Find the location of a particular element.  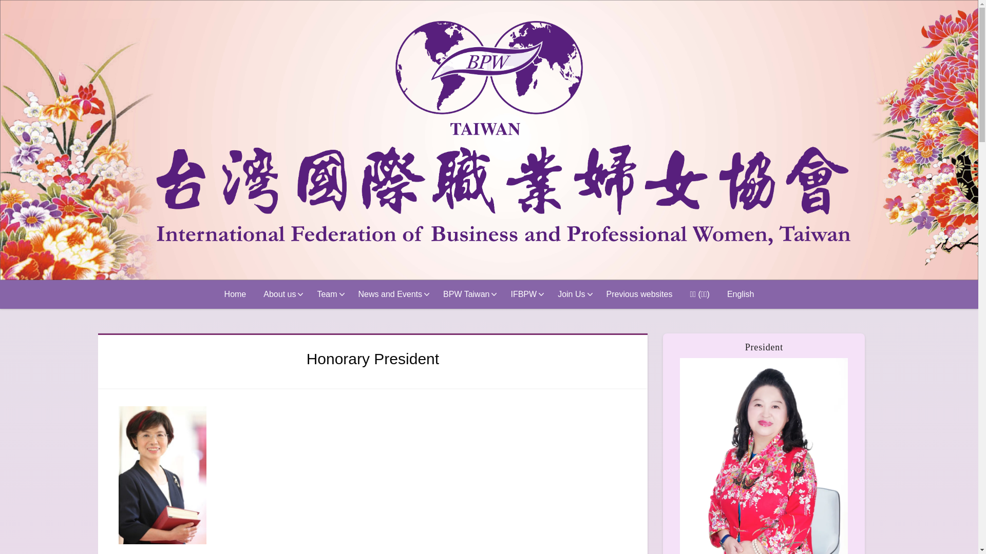

'Previous websites' is located at coordinates (639, 294).